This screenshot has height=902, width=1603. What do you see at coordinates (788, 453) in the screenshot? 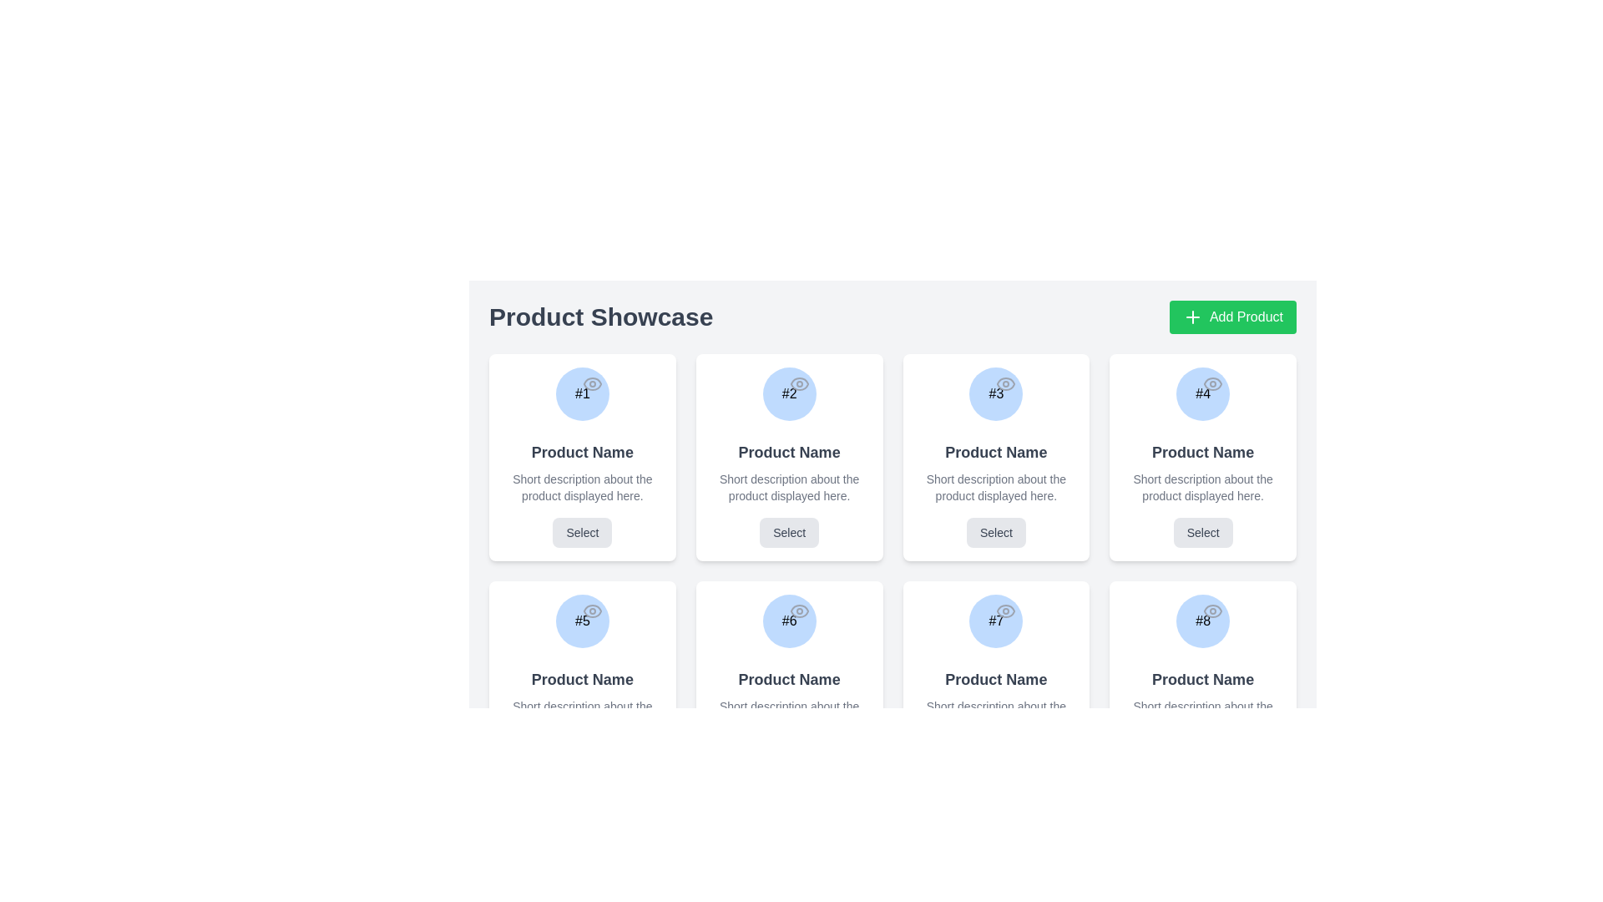
I see `text label 'Product Name' which is a bold text styled with a large font size and positioned in the middle section of the second card in the first row of a grid layout` at bounding box center [788, 453].